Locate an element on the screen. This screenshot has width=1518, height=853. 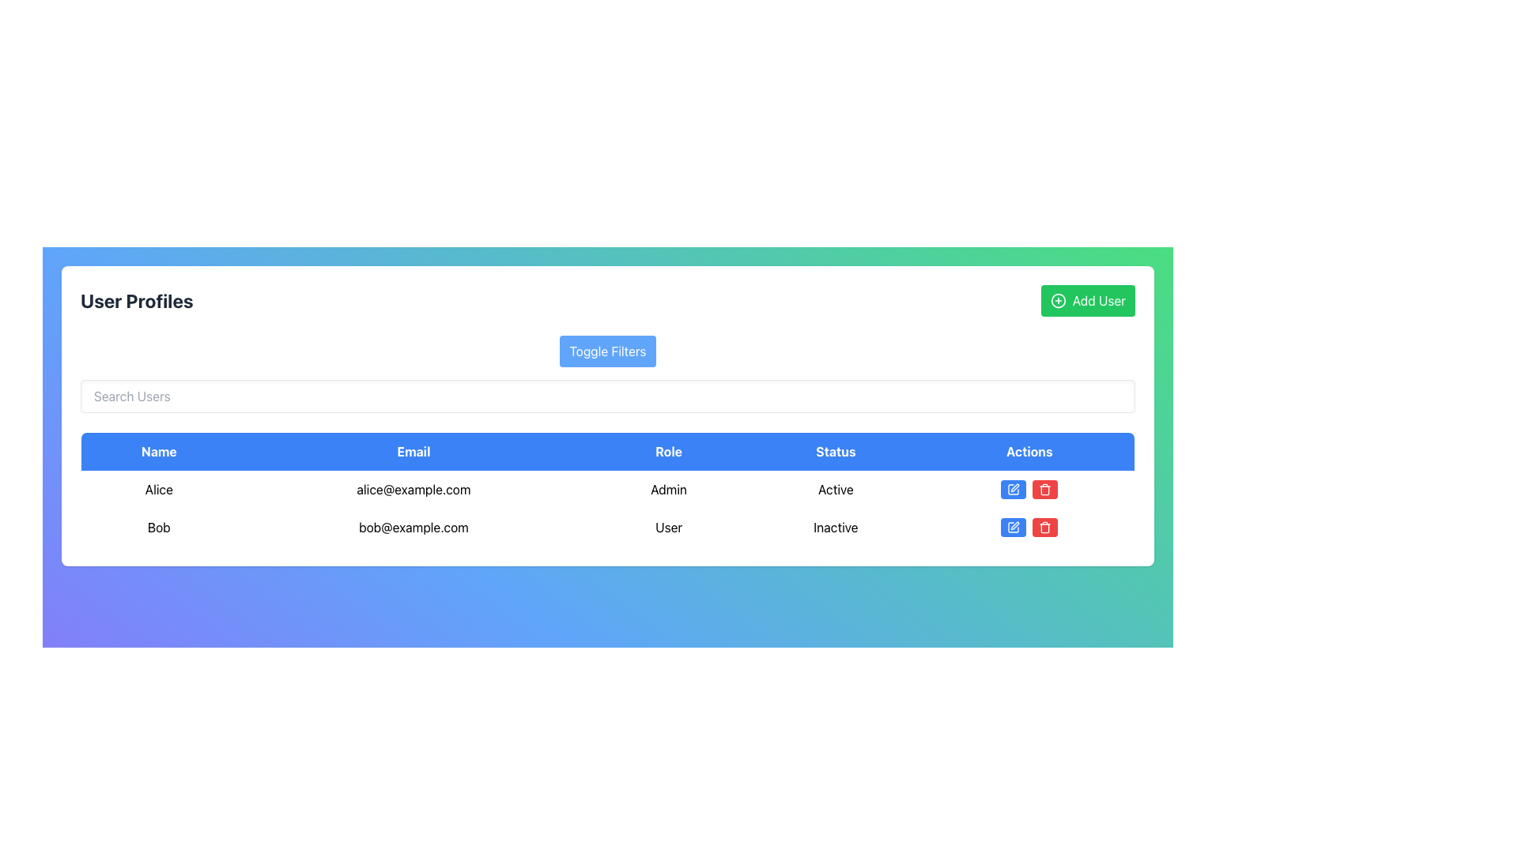
the 'Name' column header label in the table, which serves as the identifier for user names is located at coordinates (159, 451).